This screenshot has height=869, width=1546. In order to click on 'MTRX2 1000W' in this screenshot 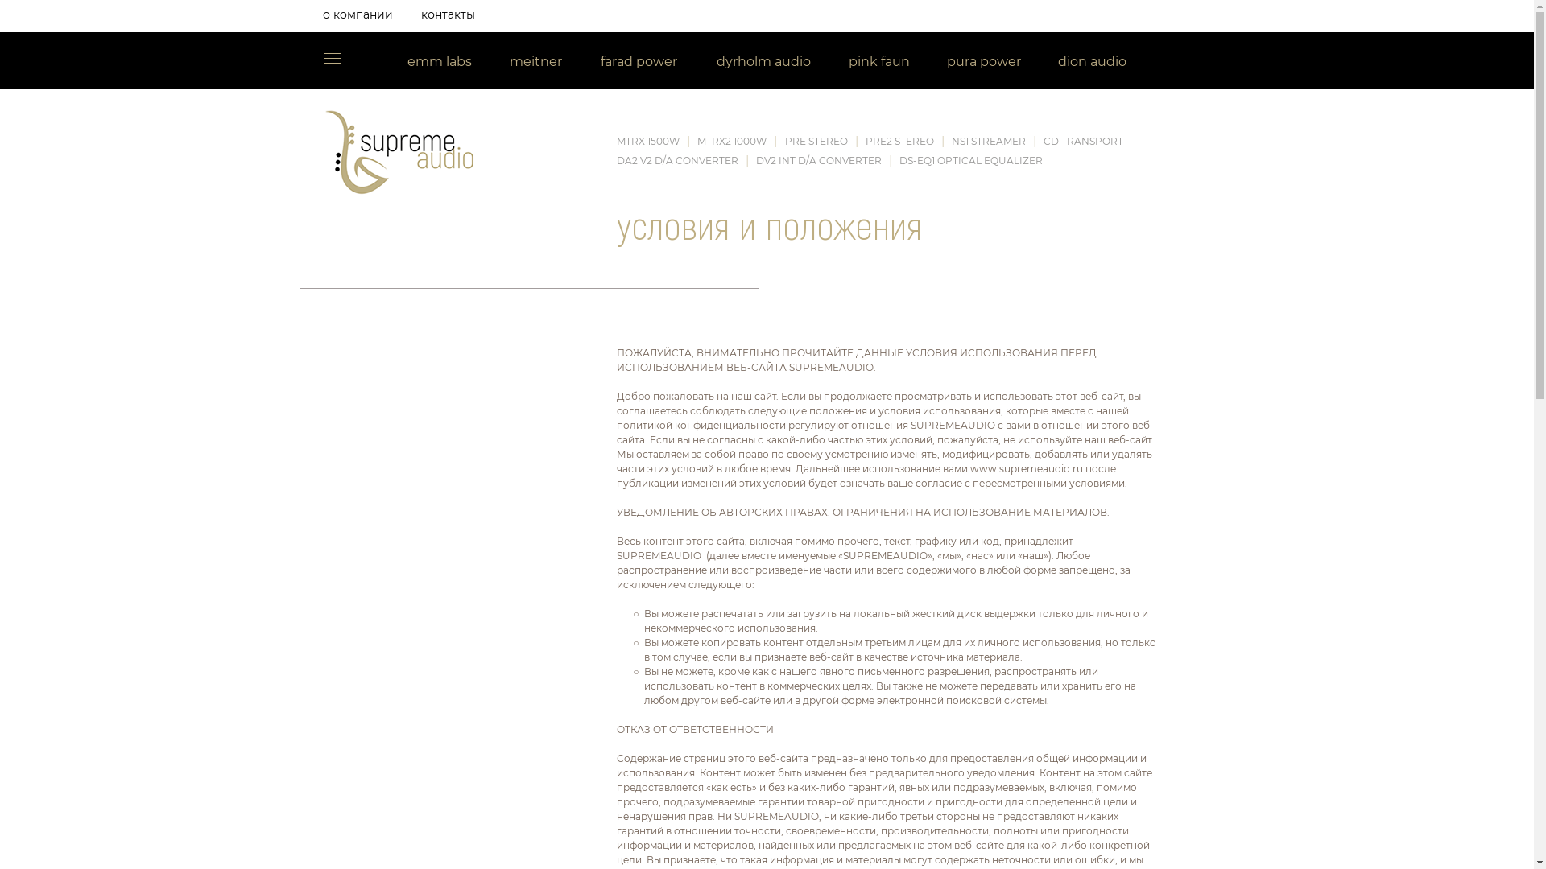, I will do `click(730, 140)`.